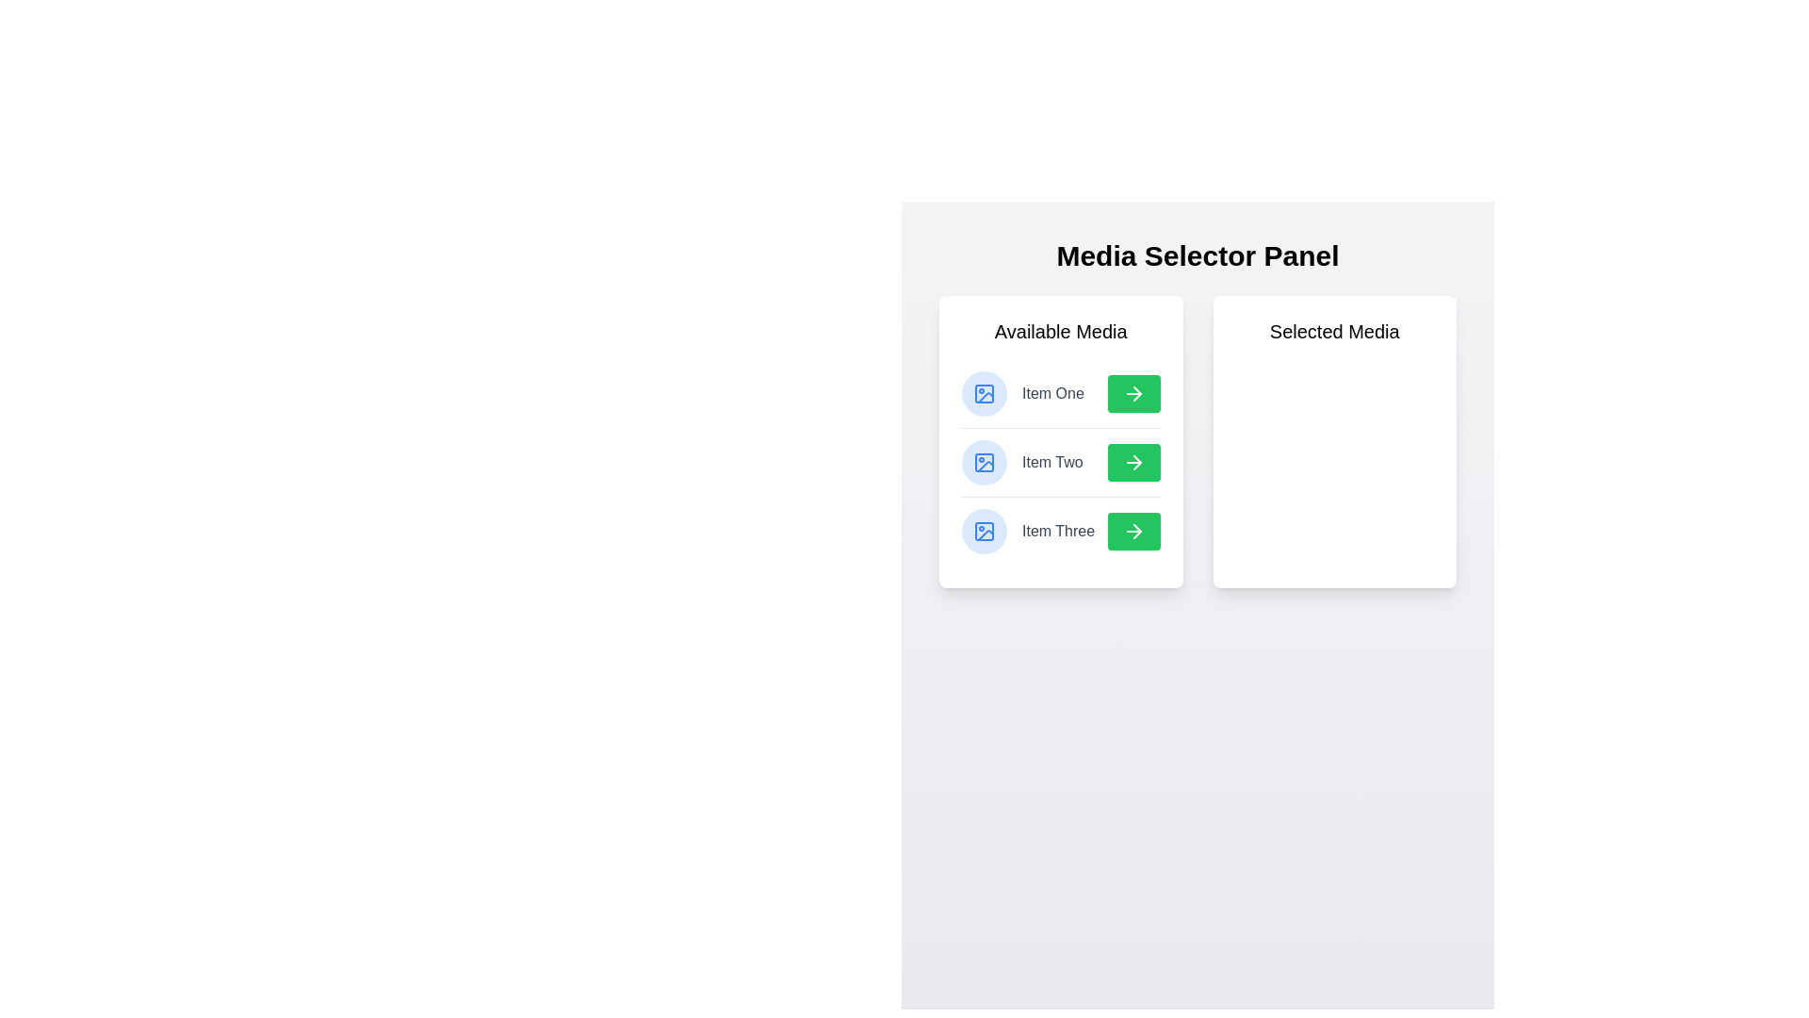  What do you see at coordinates (984, 531) in the screenshot?
I see `the small rectangle with rounded corners inside the graphic icon representing the mountain and sun motif, located in the 'Available Media' section for 'Item One'` at bounding box center [984, 531].